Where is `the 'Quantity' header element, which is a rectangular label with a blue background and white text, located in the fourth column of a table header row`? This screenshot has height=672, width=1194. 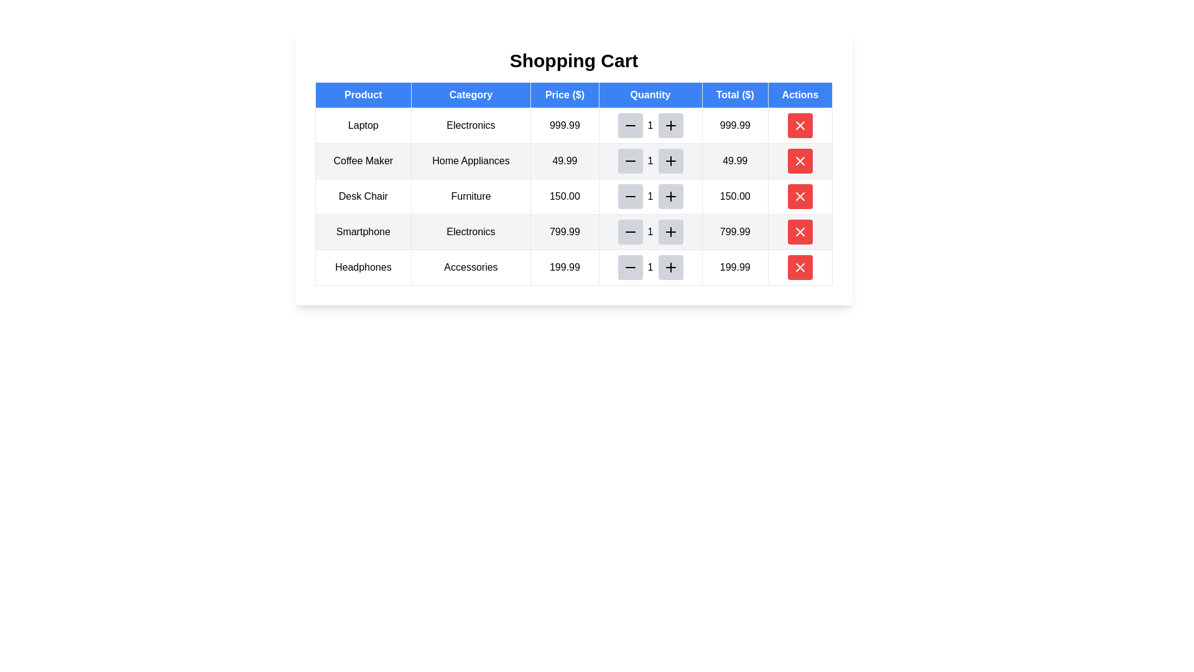 the 'Quantity' header element, which is a rectangular label with a blue background and white text, located in the fourth column of a table header row is located at coordinates (650, 95).